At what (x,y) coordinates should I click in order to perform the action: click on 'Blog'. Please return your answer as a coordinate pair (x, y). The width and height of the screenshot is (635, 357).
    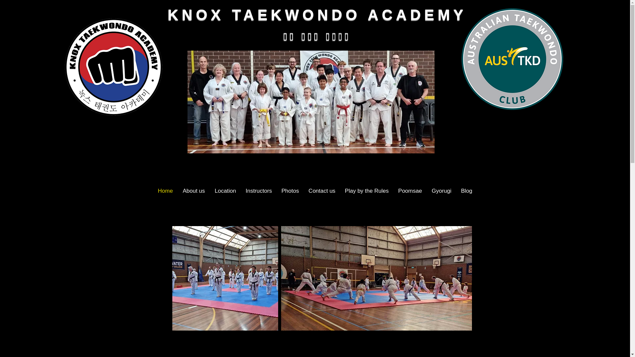
    Looking at the image, I should click on (466, 191).